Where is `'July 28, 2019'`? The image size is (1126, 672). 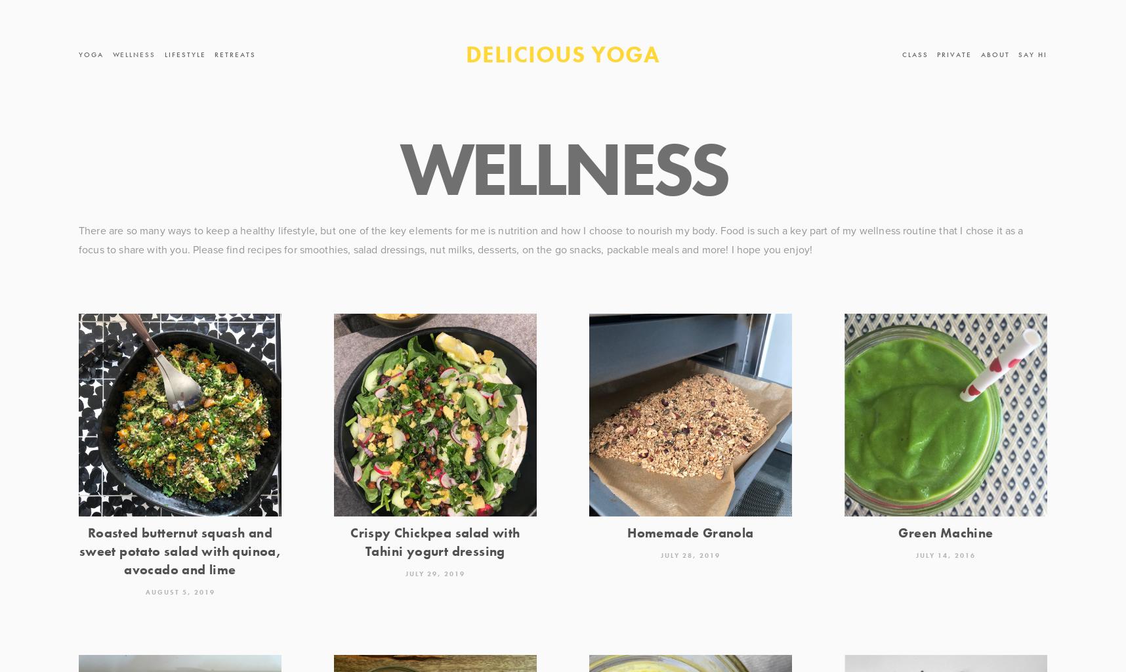 'July 28, 2019' is located at coordinates (690, 554).